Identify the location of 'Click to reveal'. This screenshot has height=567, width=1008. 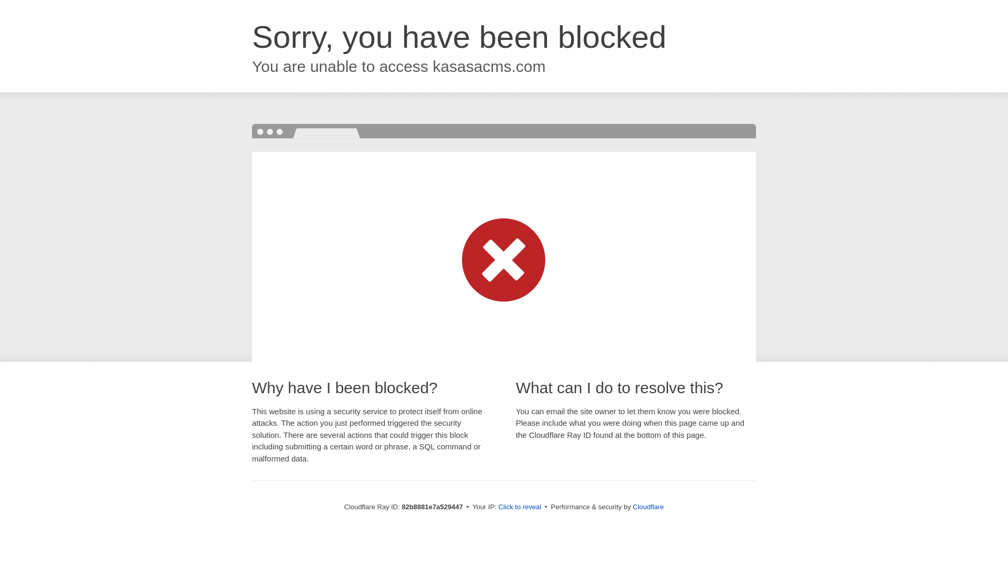
(519, 506).